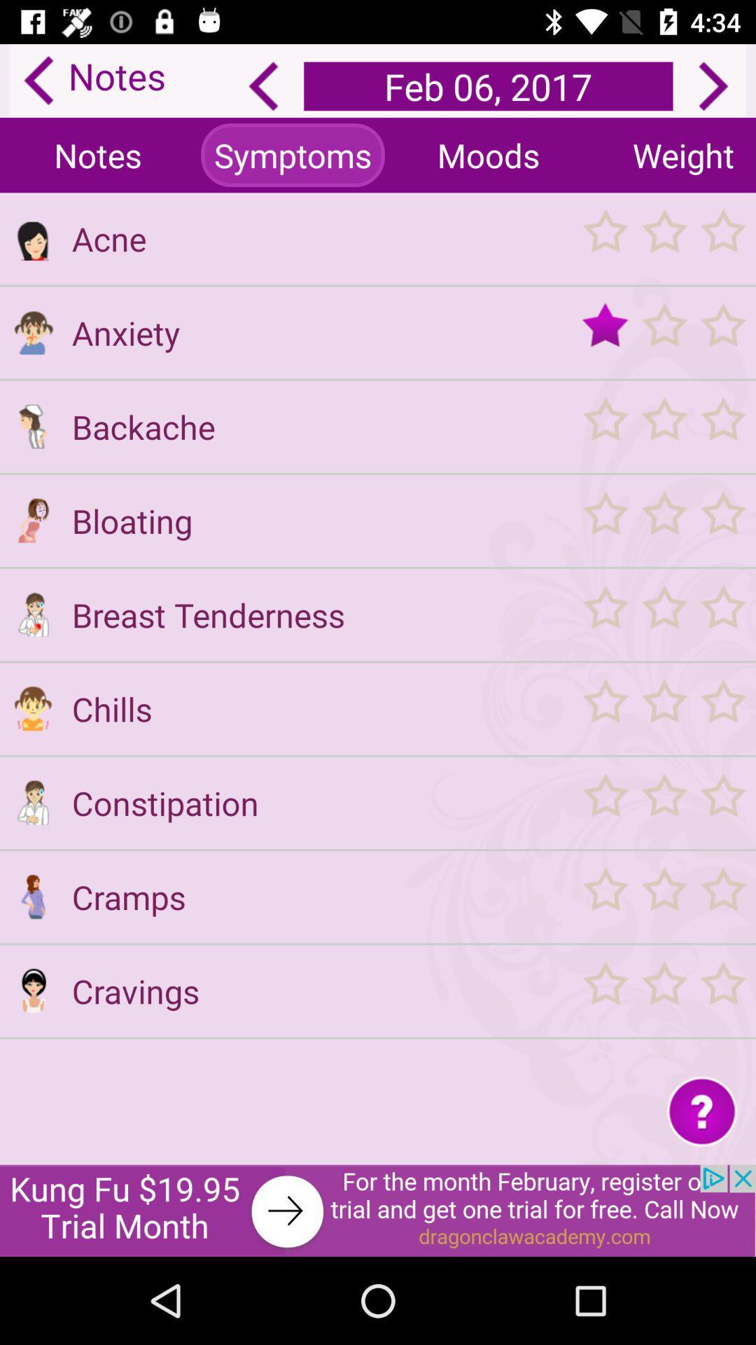 Image resolution: width=756 pixels, height=1345 pixels. I want to click on constipation opption, so click(32, 803).